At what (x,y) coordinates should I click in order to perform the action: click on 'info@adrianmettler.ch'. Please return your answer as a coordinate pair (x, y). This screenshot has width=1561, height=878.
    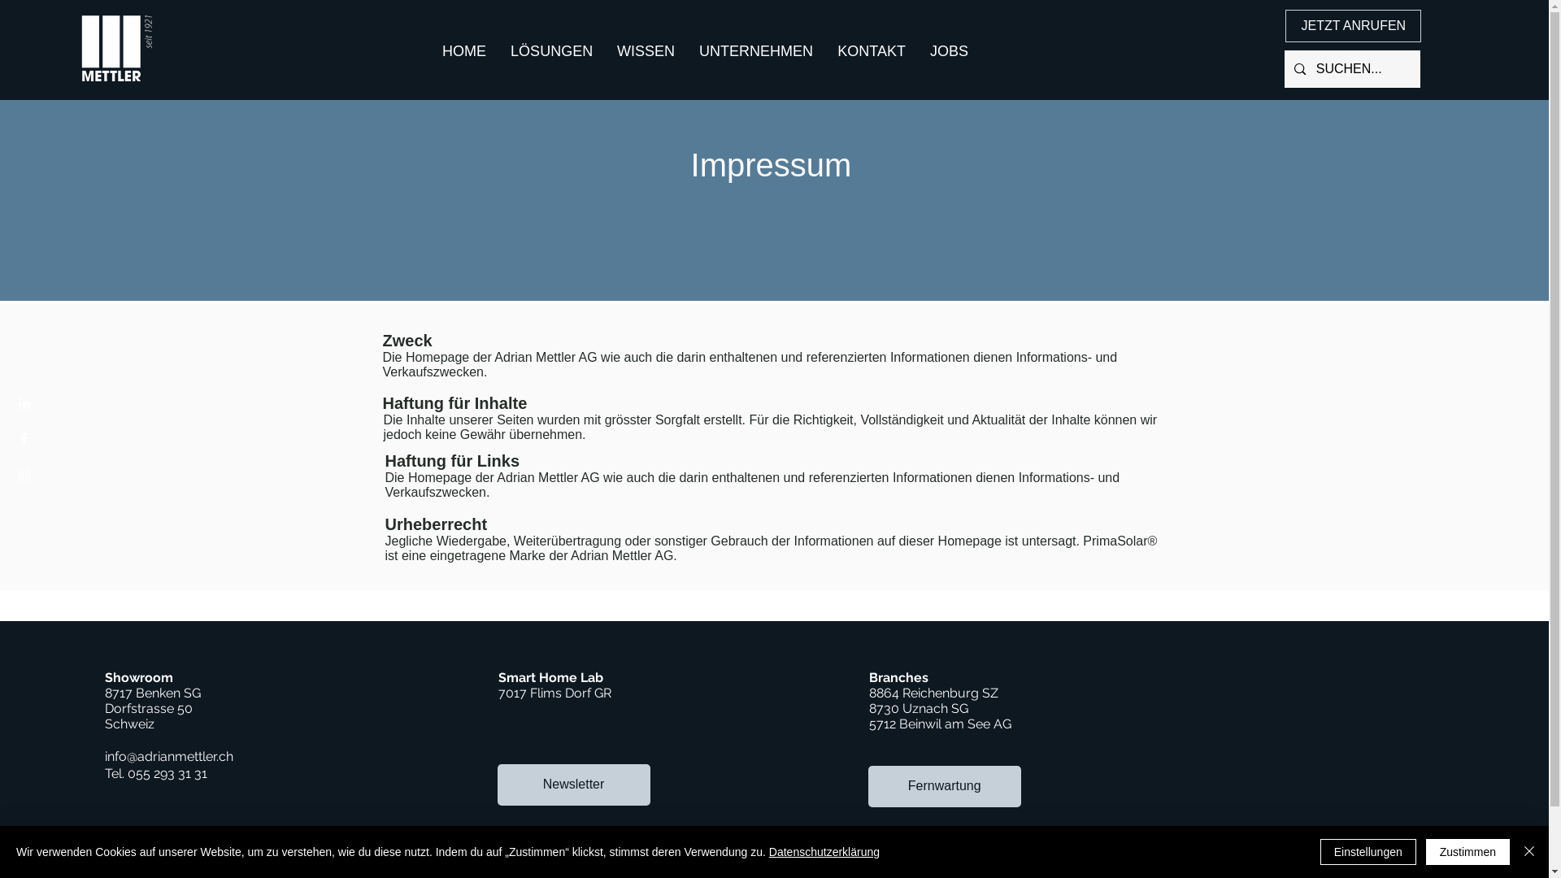
    Looking at the image, I should click on (104, 756).